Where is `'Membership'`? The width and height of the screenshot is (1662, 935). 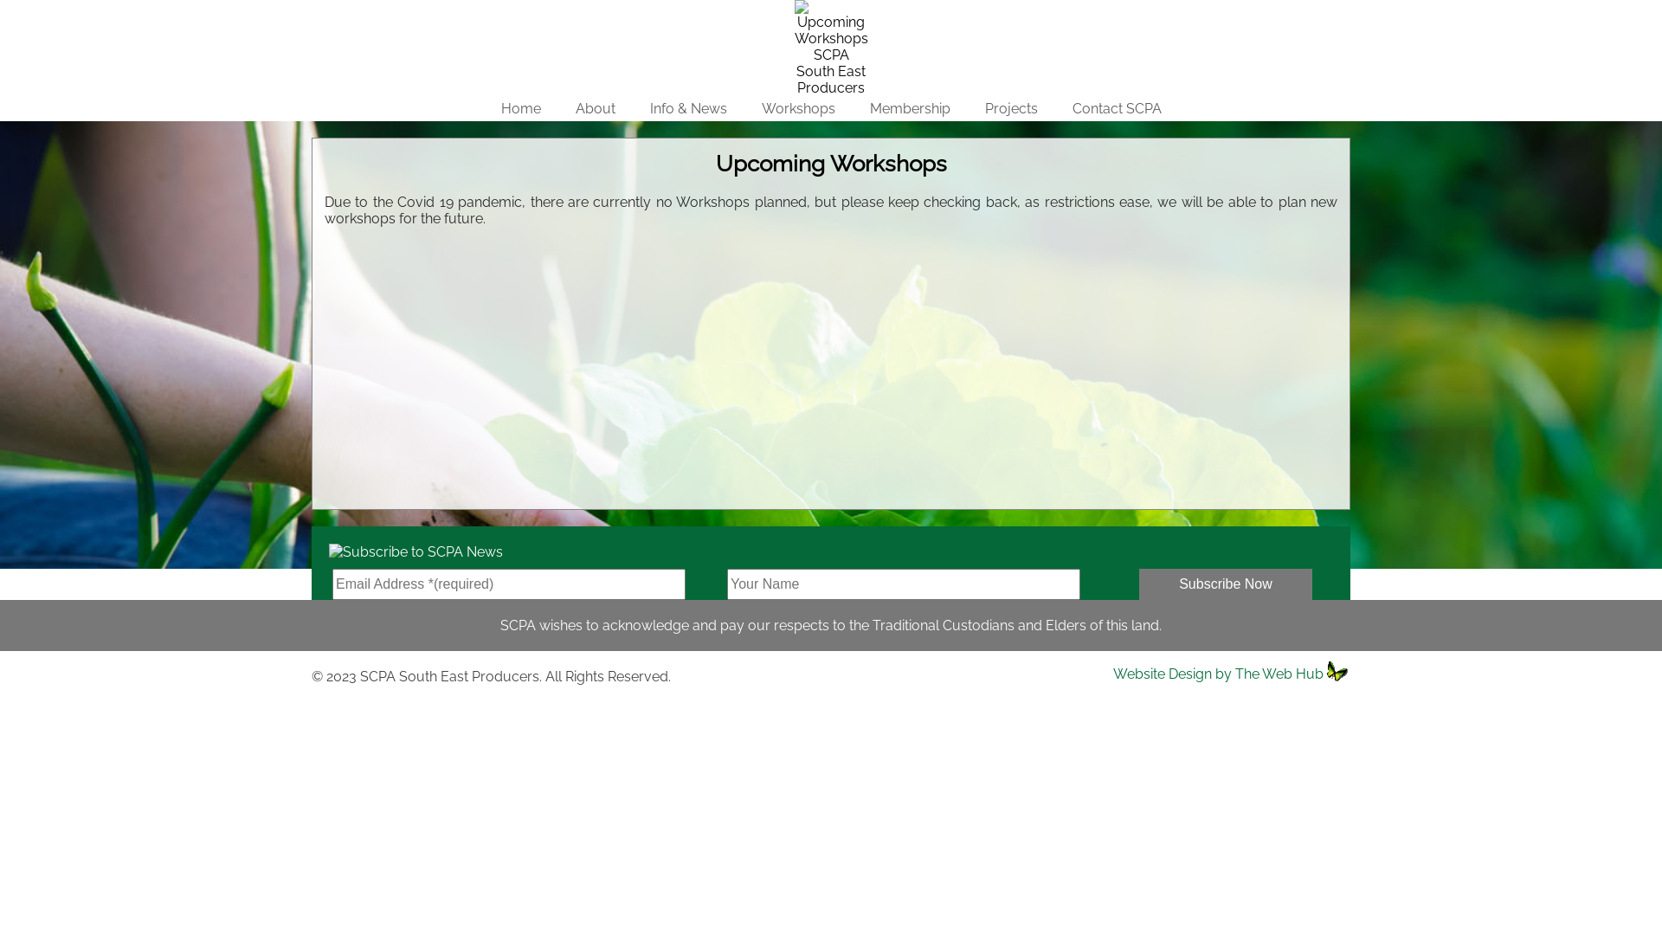
'Membership' is located at coordinates (851, 12).